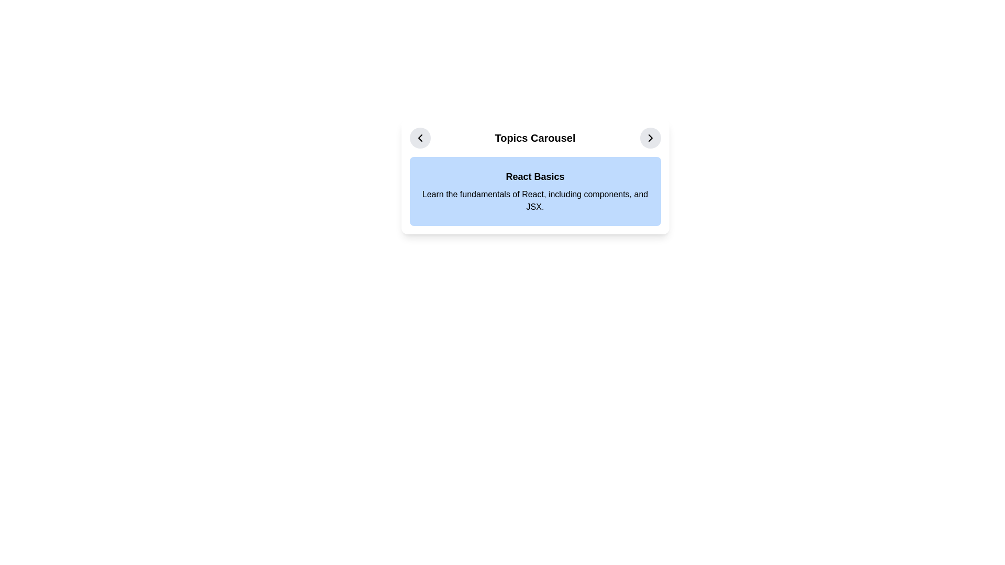 Image resolution: width=1005 pixels, height=565 pixels. Describe the element at coordinates (650, 137) in the screenshot. I see `the right-pointing chevron icon within the circular button located in the top-right corner of the 'React Basics' card` at that location.